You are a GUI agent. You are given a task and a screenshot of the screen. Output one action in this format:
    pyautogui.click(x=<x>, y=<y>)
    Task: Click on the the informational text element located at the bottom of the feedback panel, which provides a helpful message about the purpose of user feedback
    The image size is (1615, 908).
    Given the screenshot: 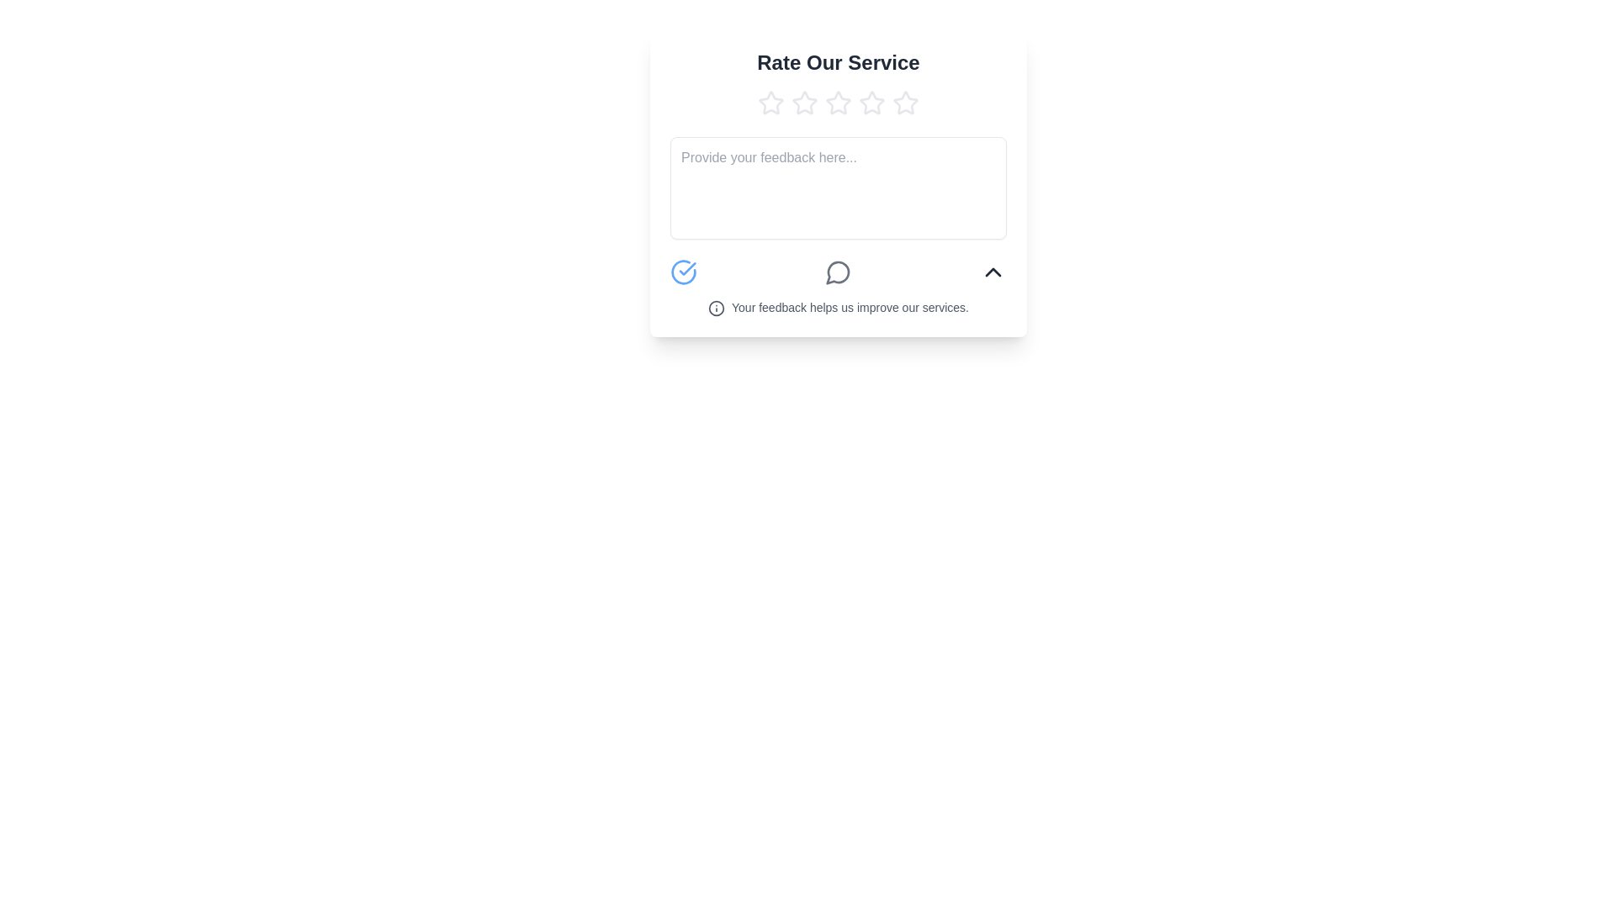 What is the action you would take?
    pyautogui.click(x=839, y=308)
    